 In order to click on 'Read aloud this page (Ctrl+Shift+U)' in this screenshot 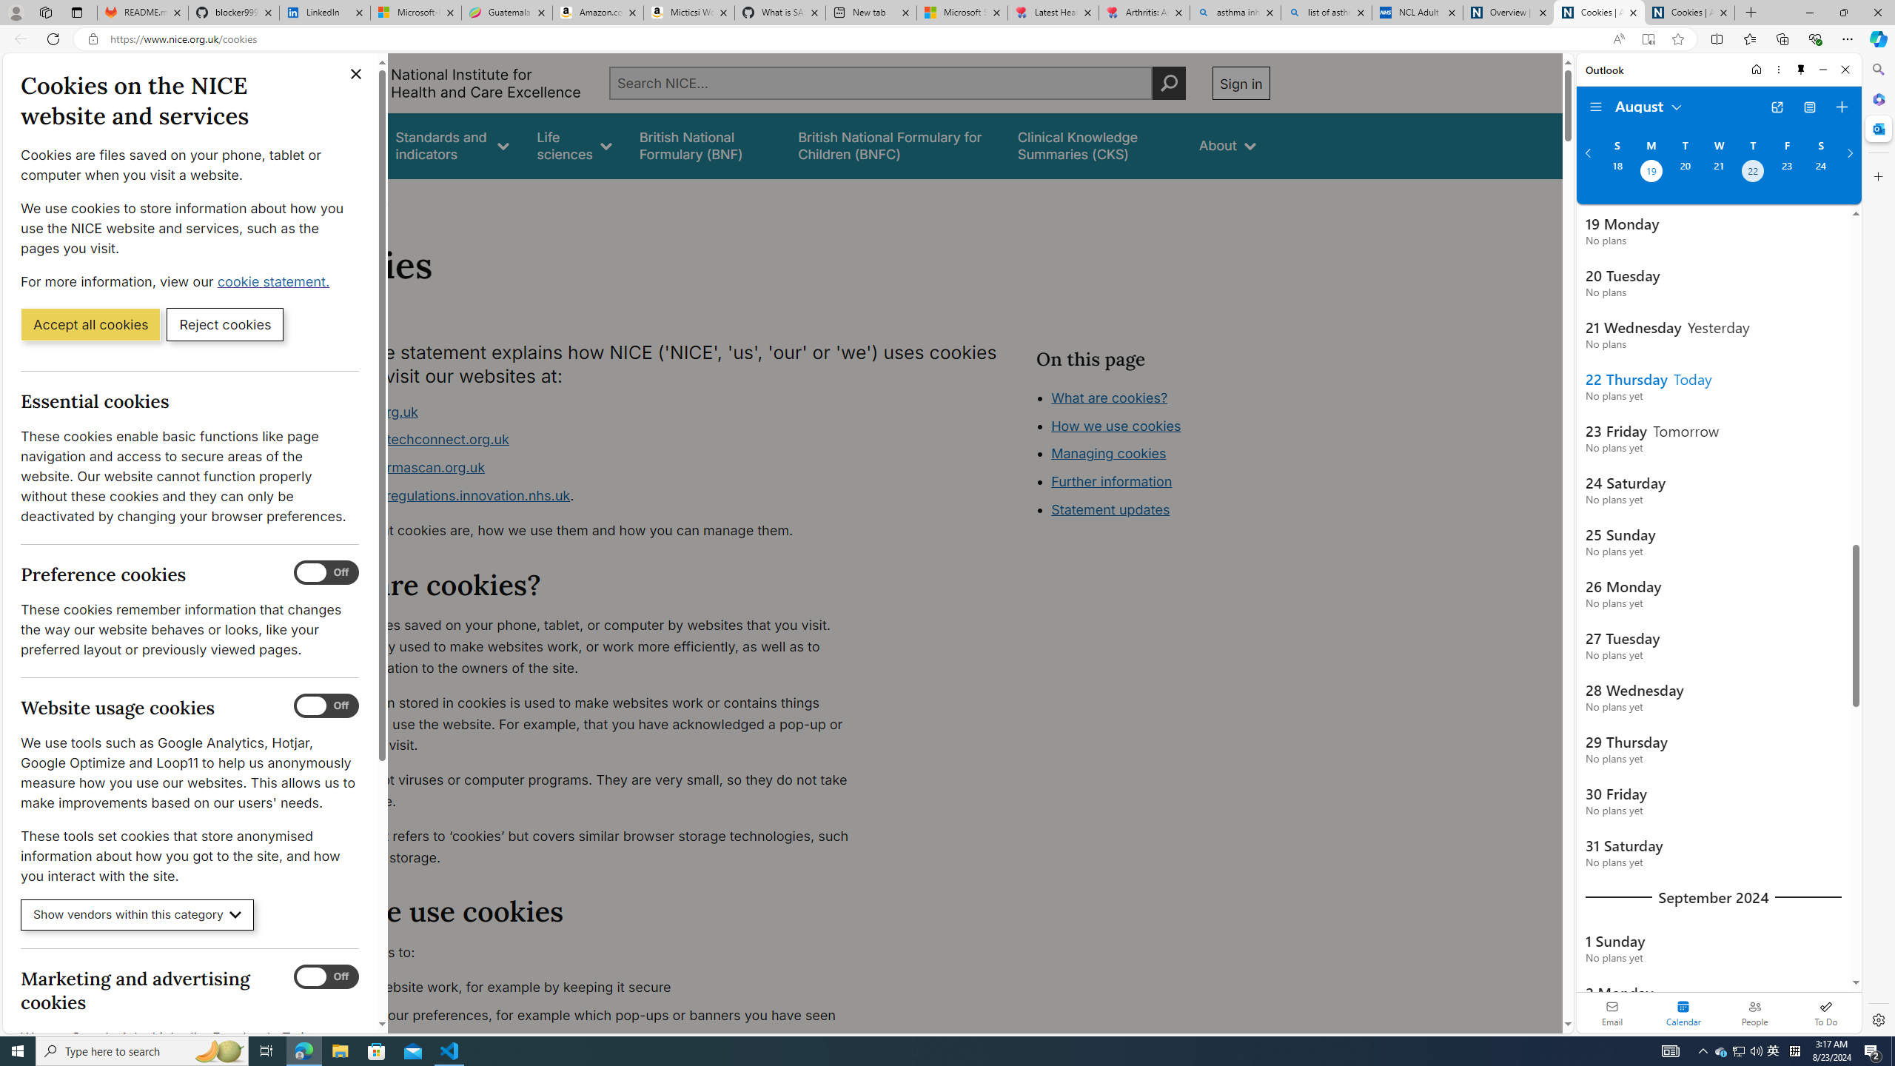, I will do `click(1617, 39)`.